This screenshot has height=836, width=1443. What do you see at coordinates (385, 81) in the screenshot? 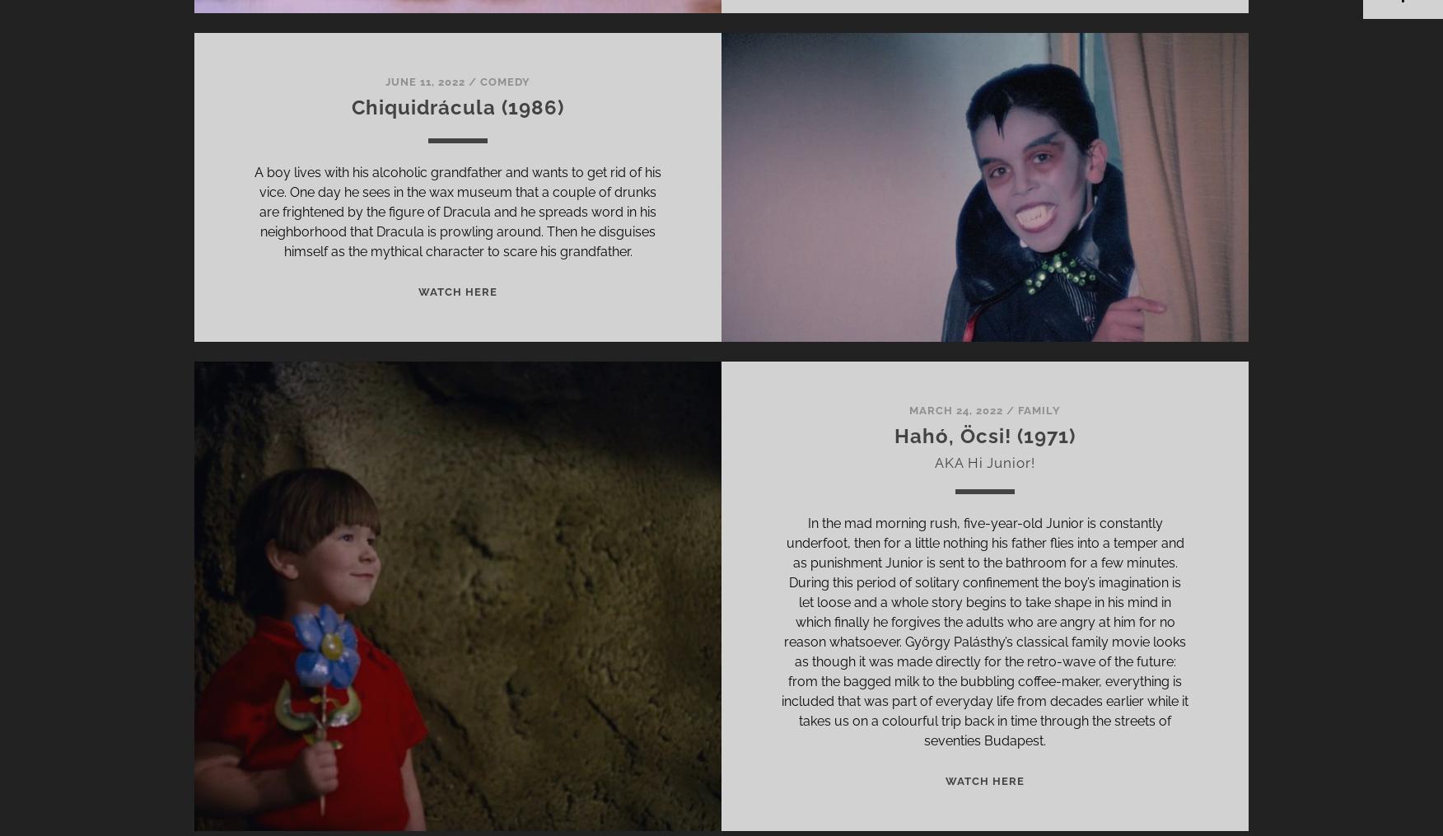
I see `'June 11, 2022'` at bounding box center [385, 81].